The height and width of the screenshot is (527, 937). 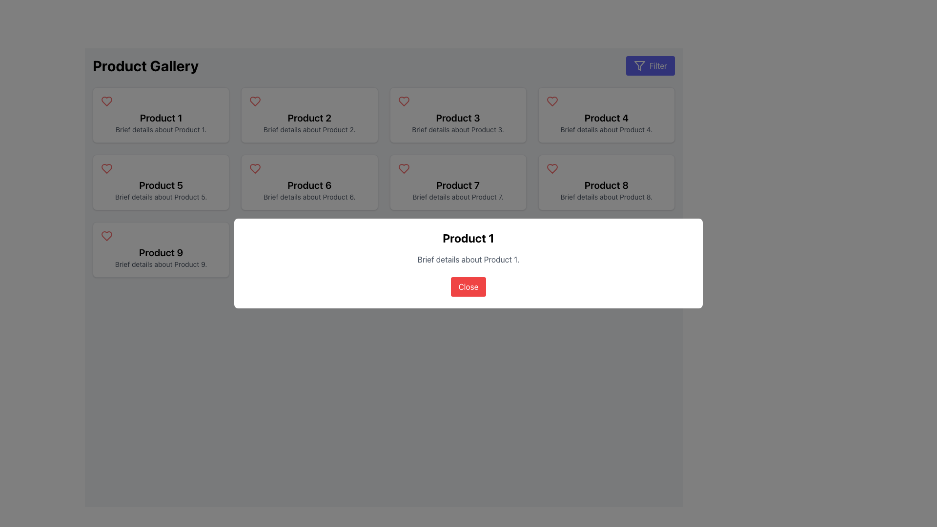 I want to click on the red heart-shaped icon button above the label 'Product 2', so click(x=255, y=101).